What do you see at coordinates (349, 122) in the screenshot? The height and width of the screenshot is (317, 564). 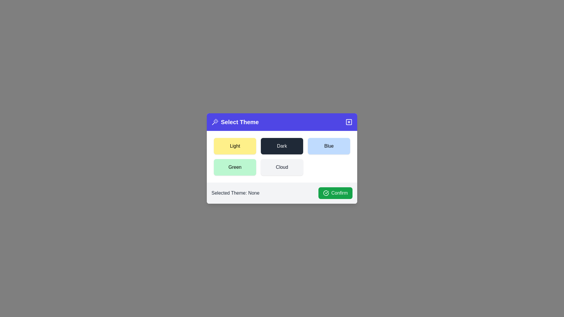 I see `the close button in the top-right corner of the dialog box` at bounding box center [349, 122].